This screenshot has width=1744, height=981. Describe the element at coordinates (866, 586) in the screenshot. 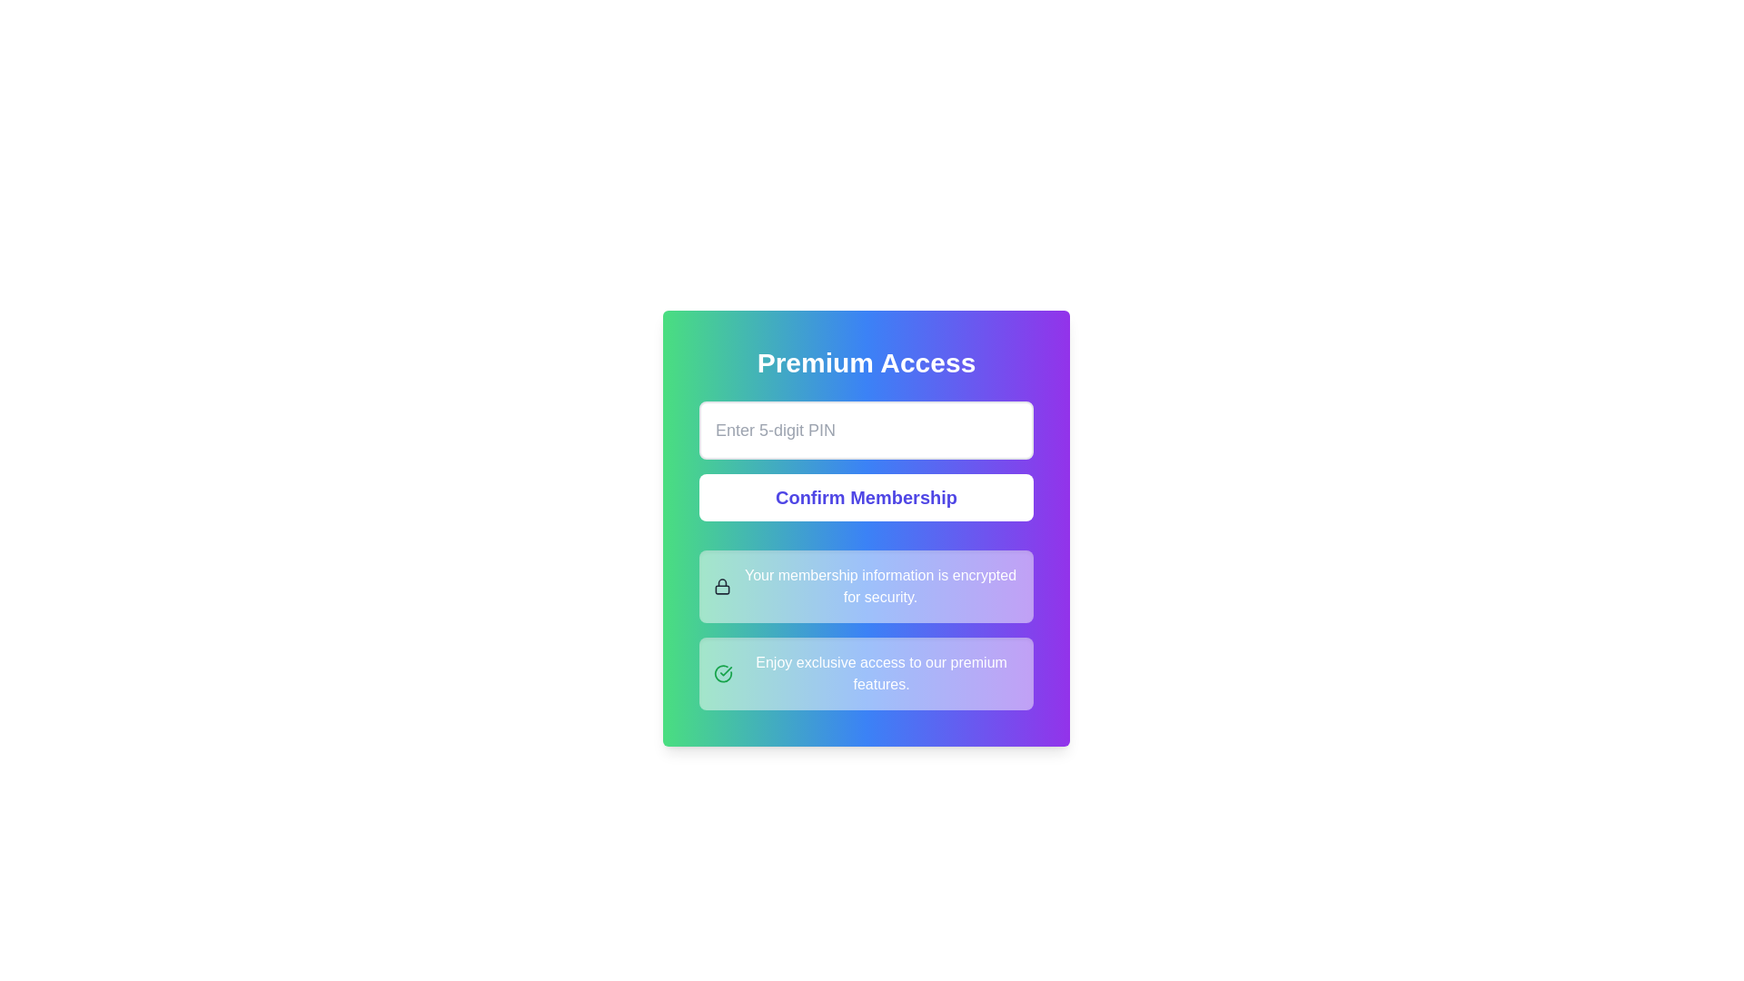

I see `informational message box containing the text 'Your membership information is encrypted for security.' which is centrally located below the 'Confirm Membership' button` at that location.